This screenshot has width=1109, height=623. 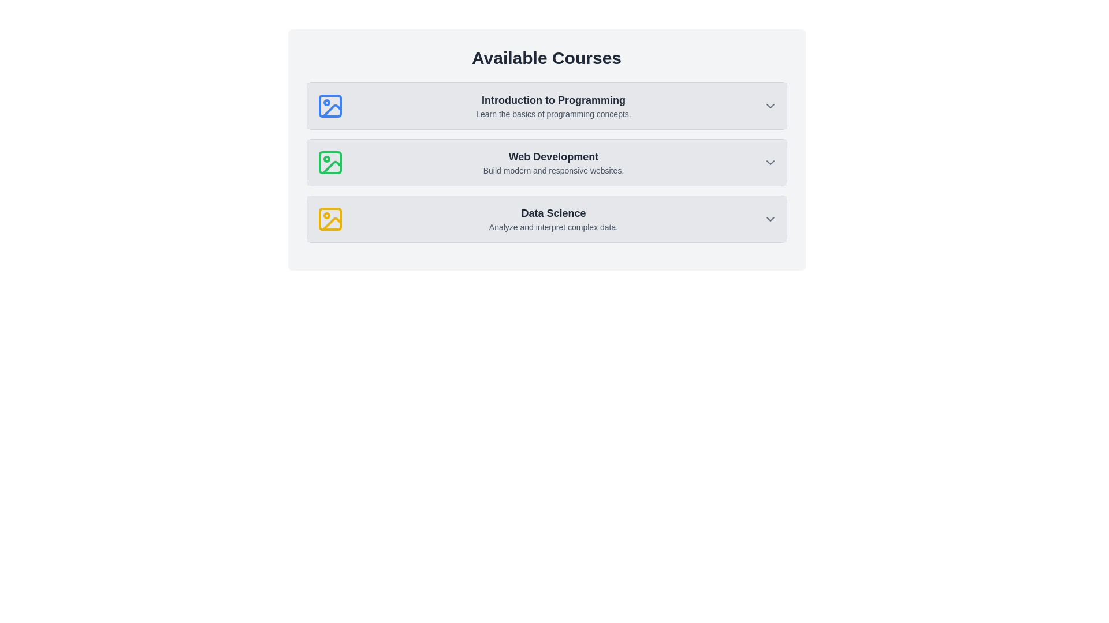 What do you see at coordinates (553, 157) in the screenshot?
I see `the 'Web Development' text label, which is styled in a larger, bold font and is part of the 'Available Courses' section` at bounding box center [553, 157].